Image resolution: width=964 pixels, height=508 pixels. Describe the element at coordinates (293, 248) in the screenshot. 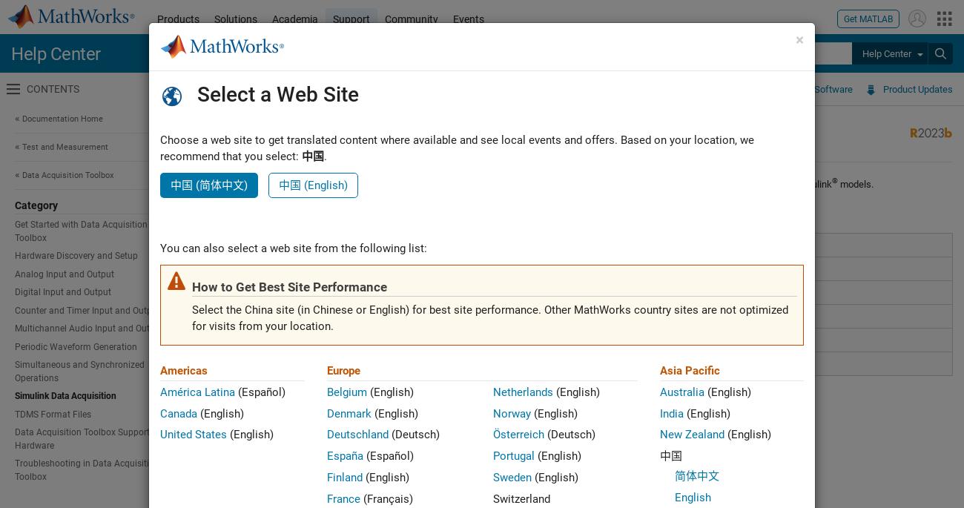

I see `'You can also select a web site from the following list:'` at that location.